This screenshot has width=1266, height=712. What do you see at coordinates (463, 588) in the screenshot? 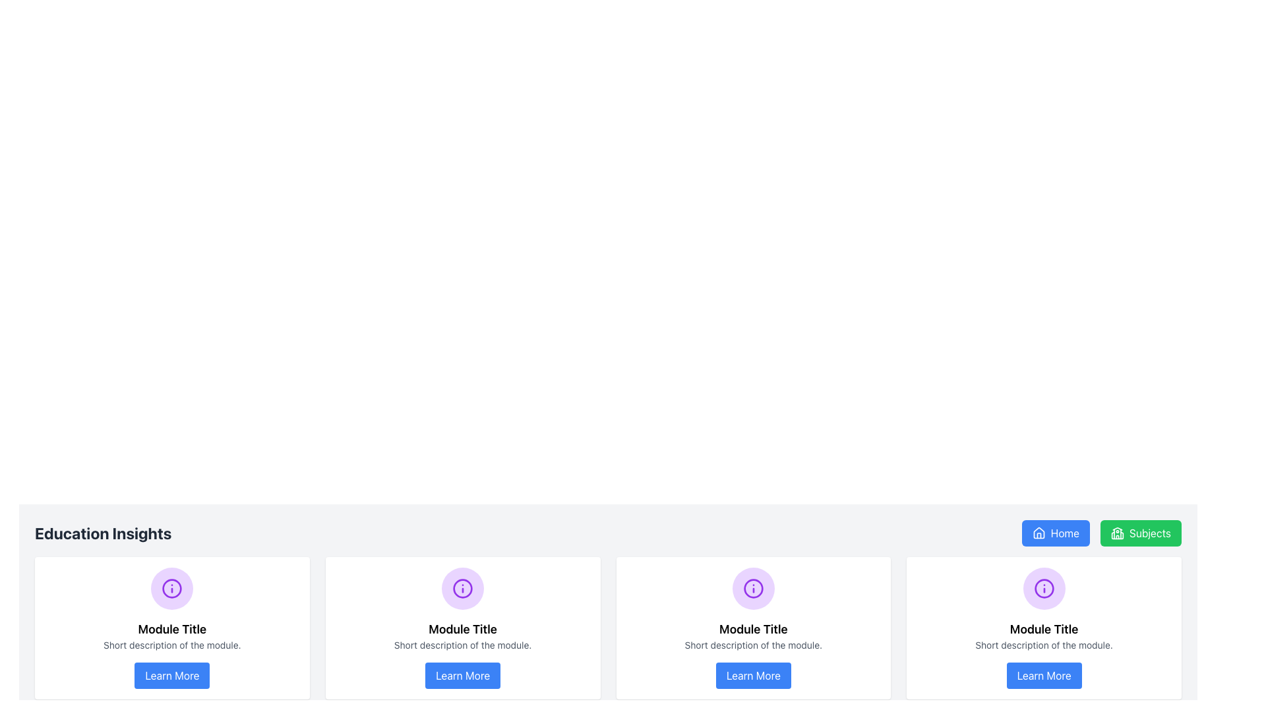
I see `the purple circular icon button with an information symbol ('i') in the center, which is located at the top of the white rectangular card, above the text 'Module Title' and 'Short description of the module.'` at bounding box center [463, 588].